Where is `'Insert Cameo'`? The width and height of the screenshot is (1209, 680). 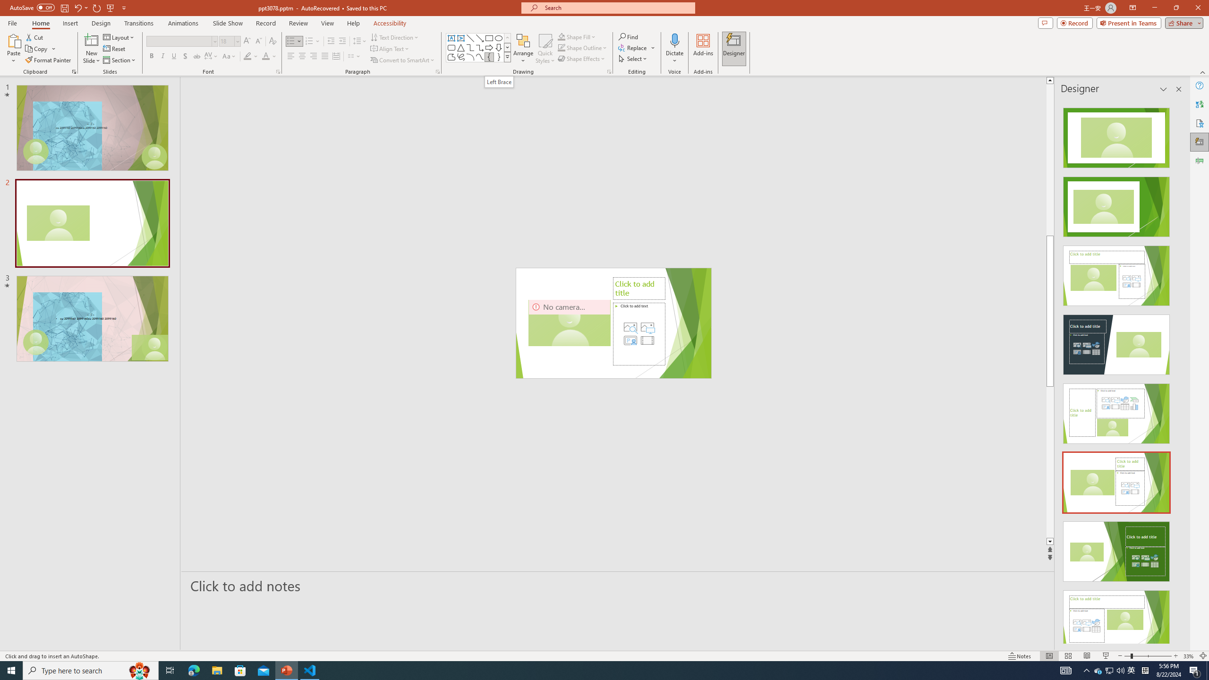 'Insert Cameo' is located at coordinates (630, 340).